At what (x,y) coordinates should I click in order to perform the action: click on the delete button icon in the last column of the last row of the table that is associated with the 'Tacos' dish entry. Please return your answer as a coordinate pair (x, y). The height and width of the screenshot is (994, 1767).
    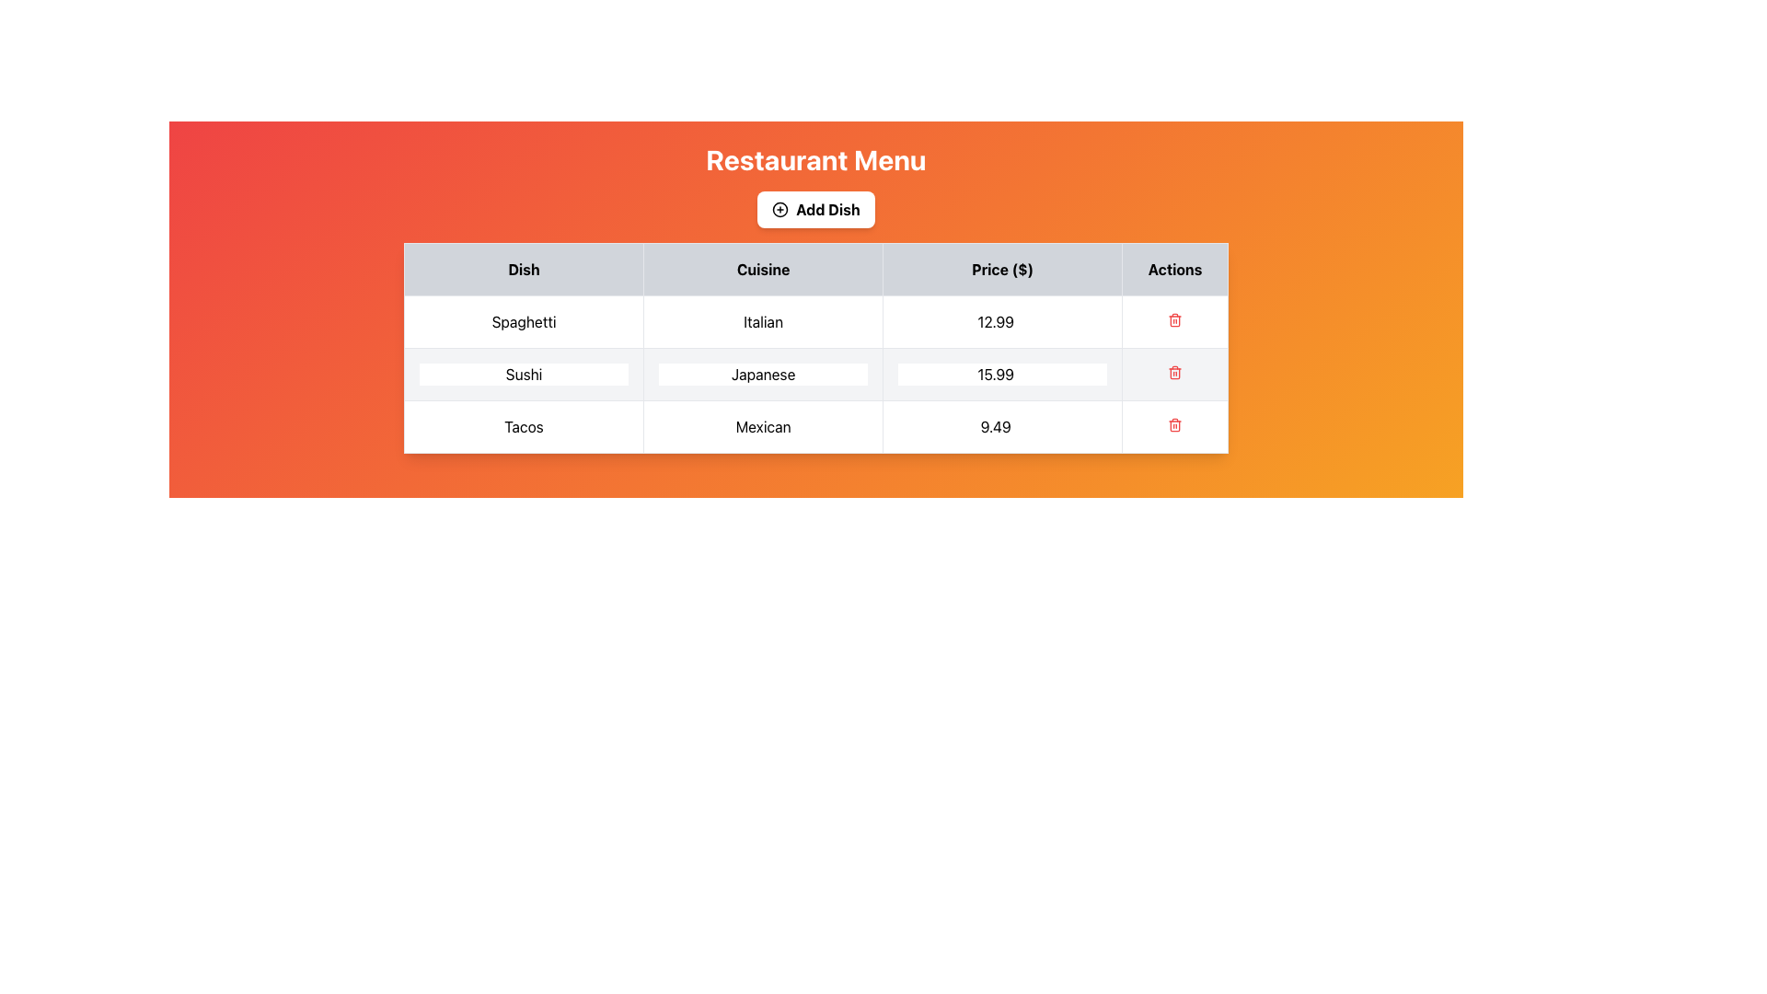
    Looking at the image, I should click on (1174, 426).